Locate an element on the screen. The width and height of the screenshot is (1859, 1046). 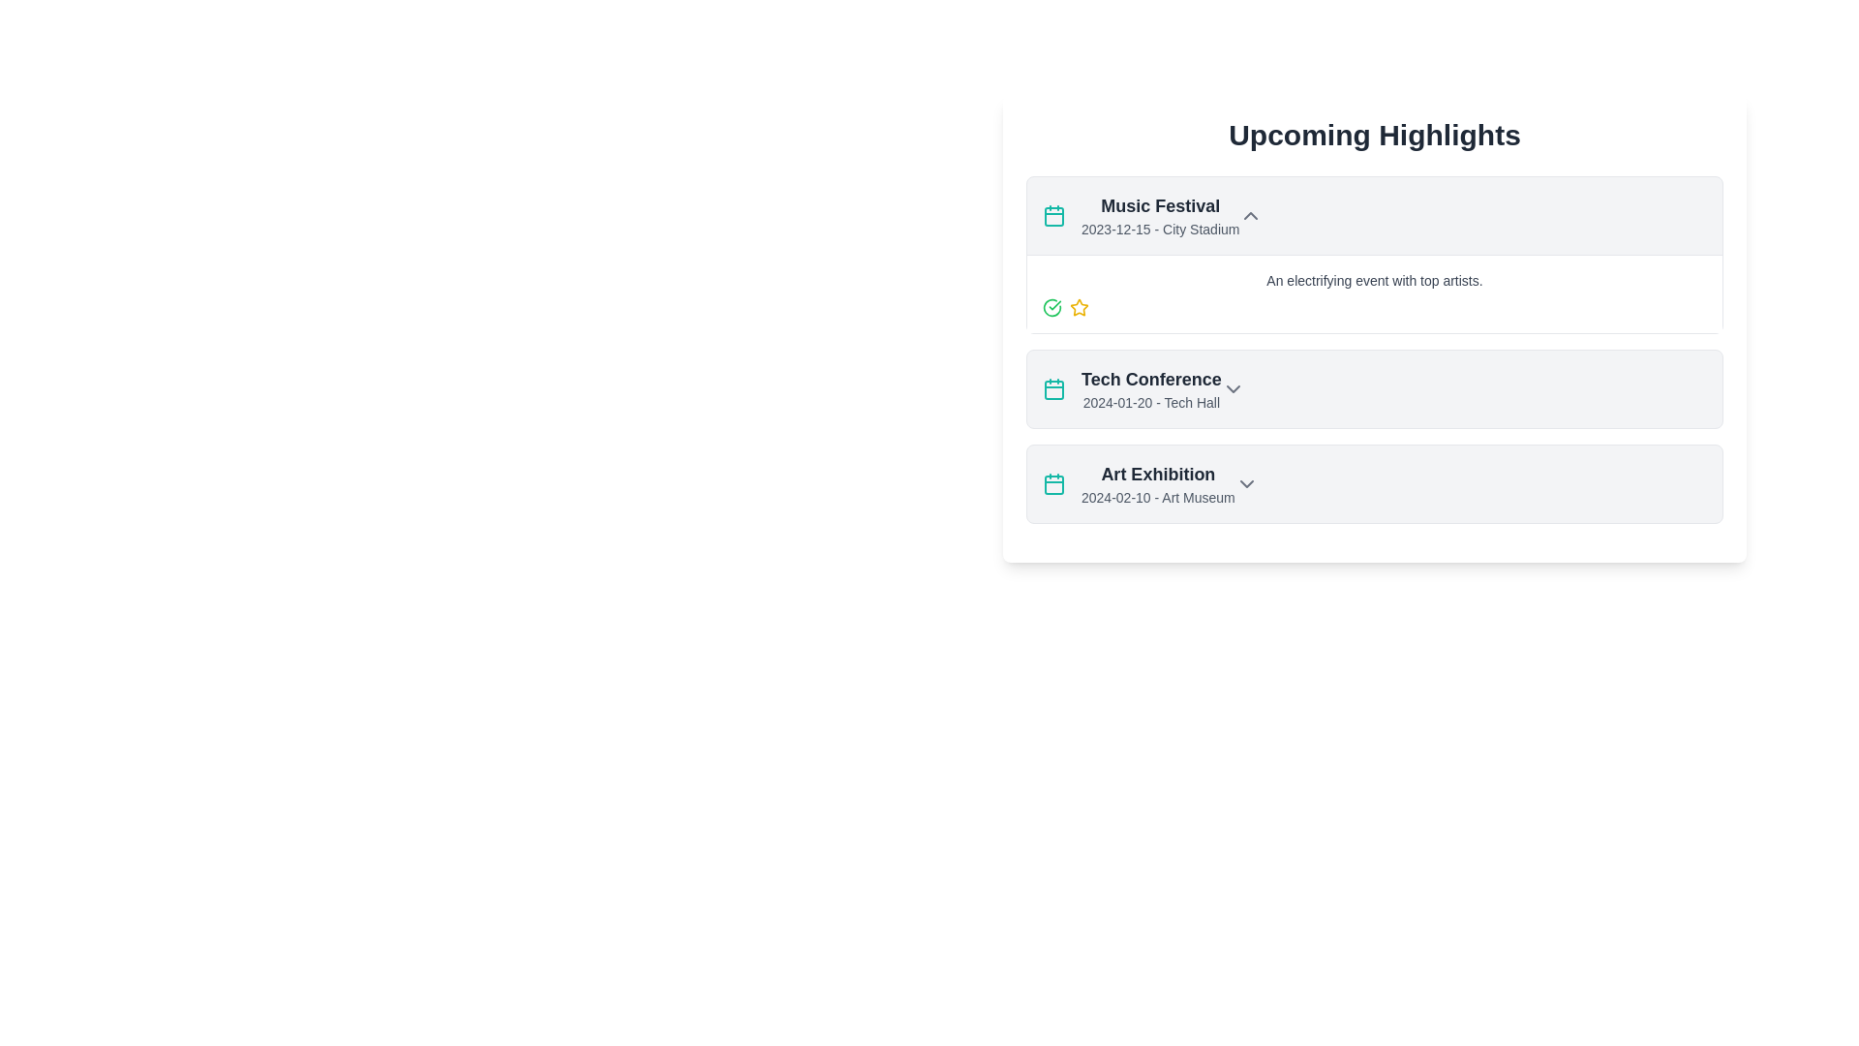
the calendar icon located to the left of the 'Music Festival' text in the first row under 'Upcoming Highlights' is located at coordinates (1053, 216).